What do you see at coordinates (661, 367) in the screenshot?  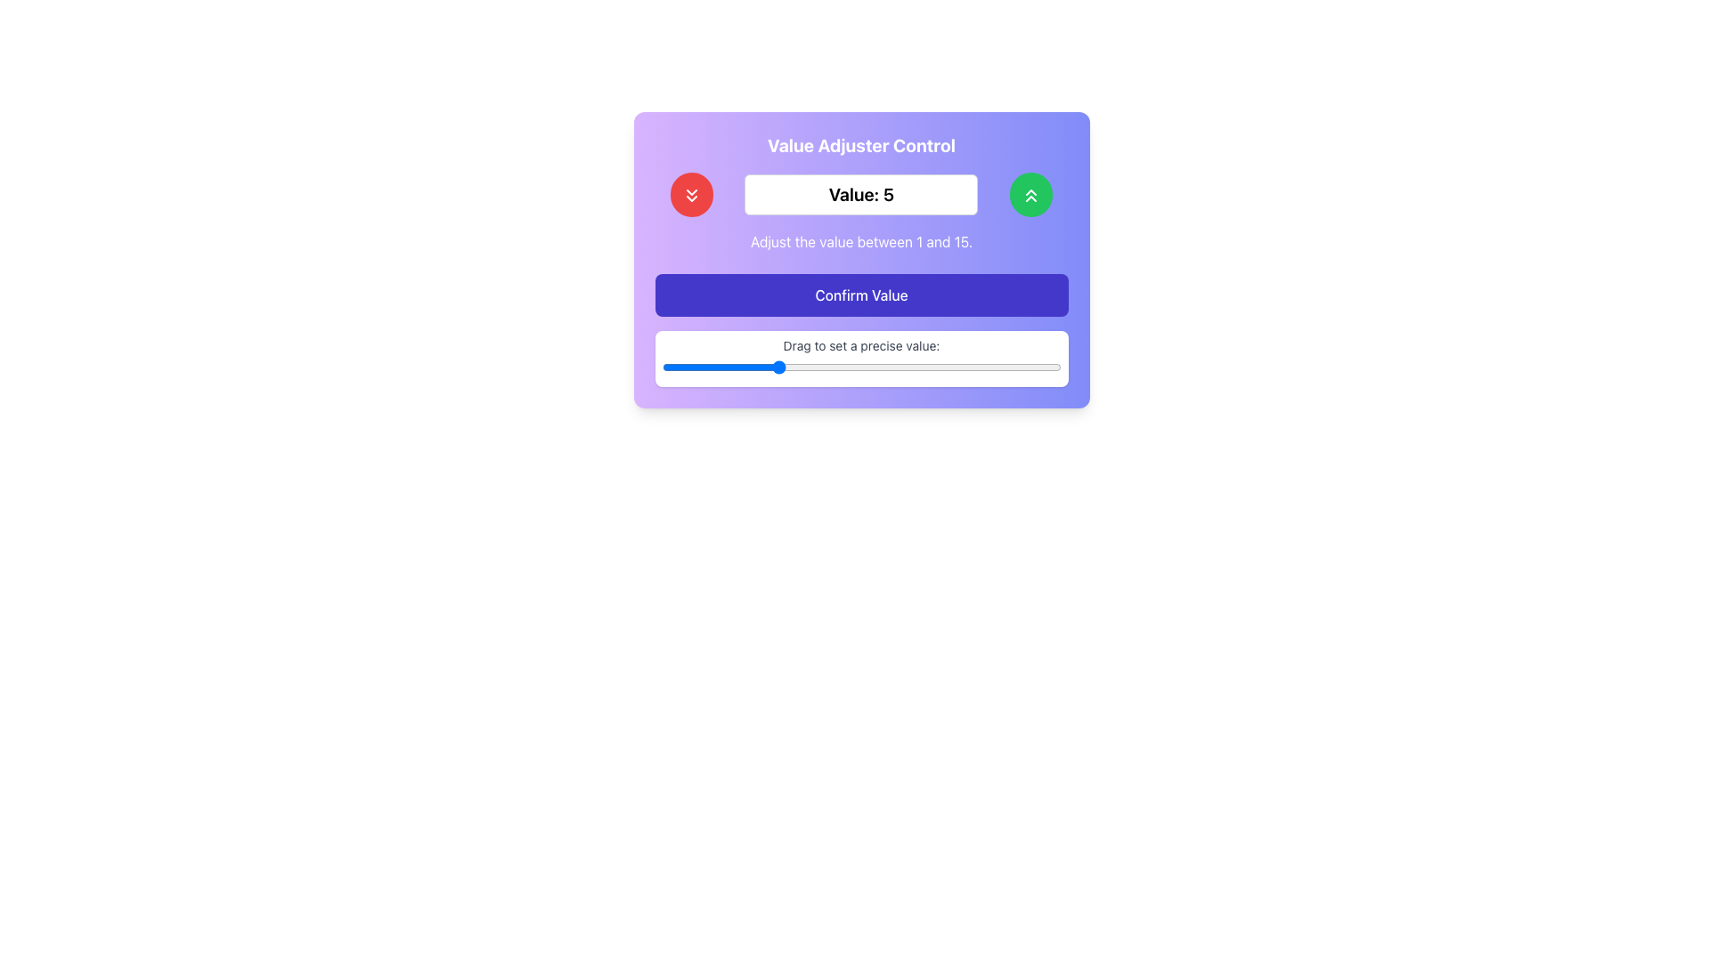 I see `the slider value` at bounding box center [661, 367].